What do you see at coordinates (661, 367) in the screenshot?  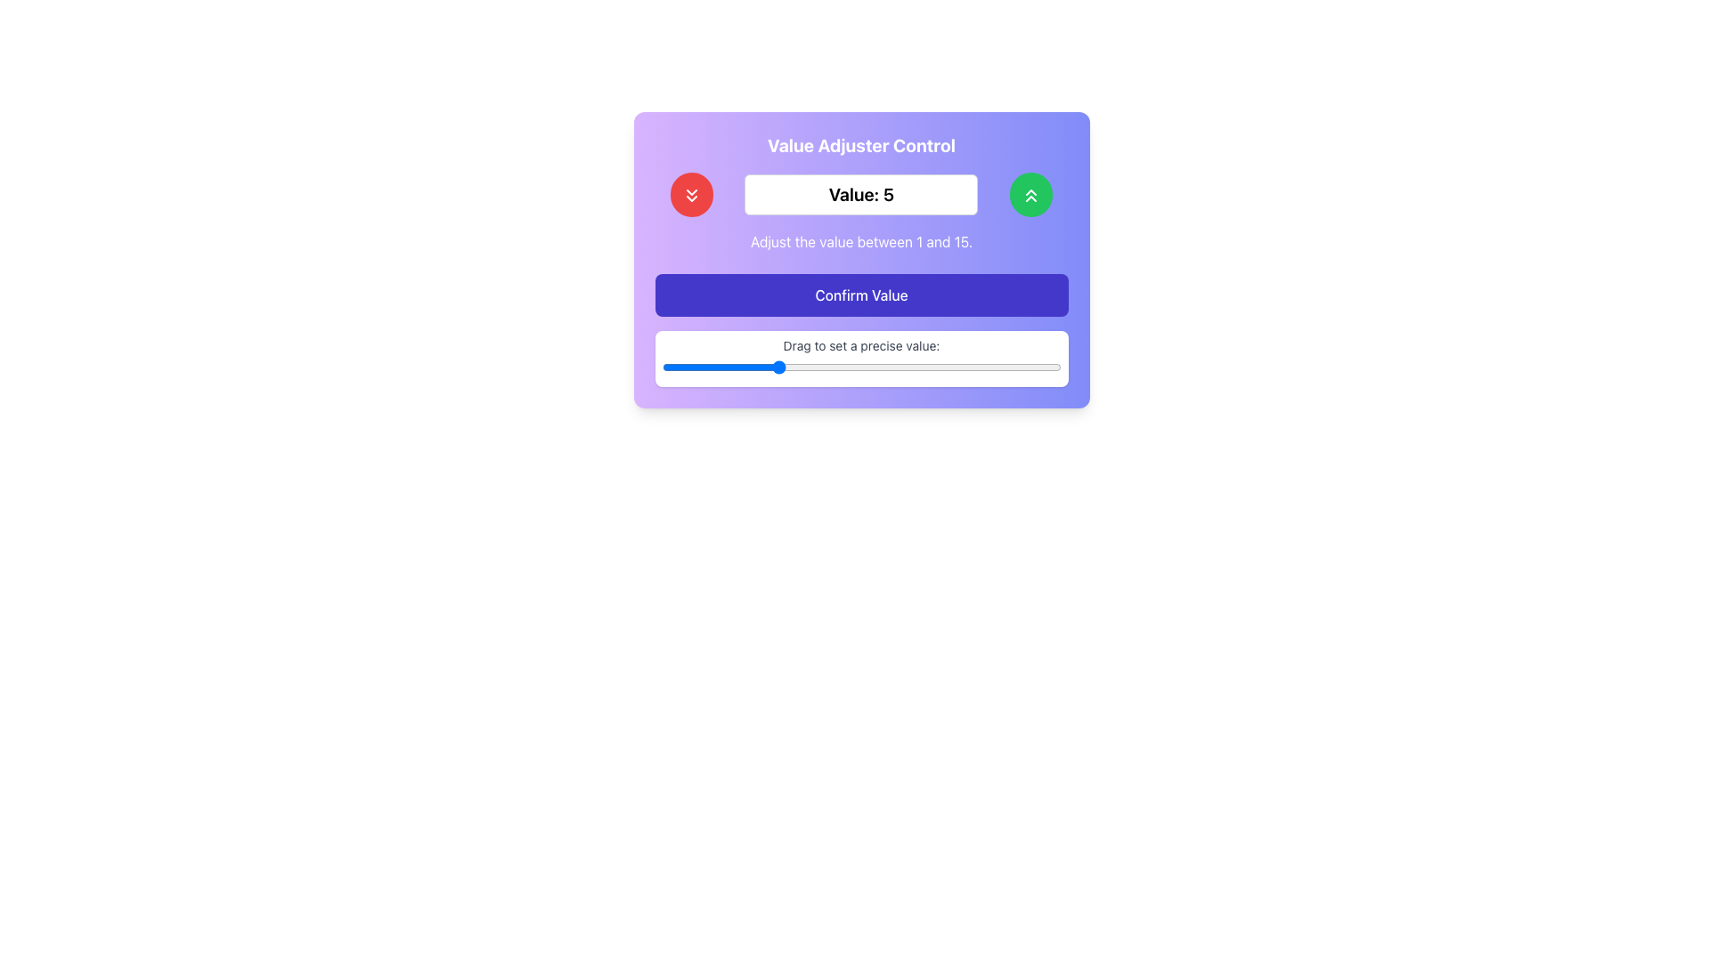 I see `the slider value` at bounding box center [661, 367].